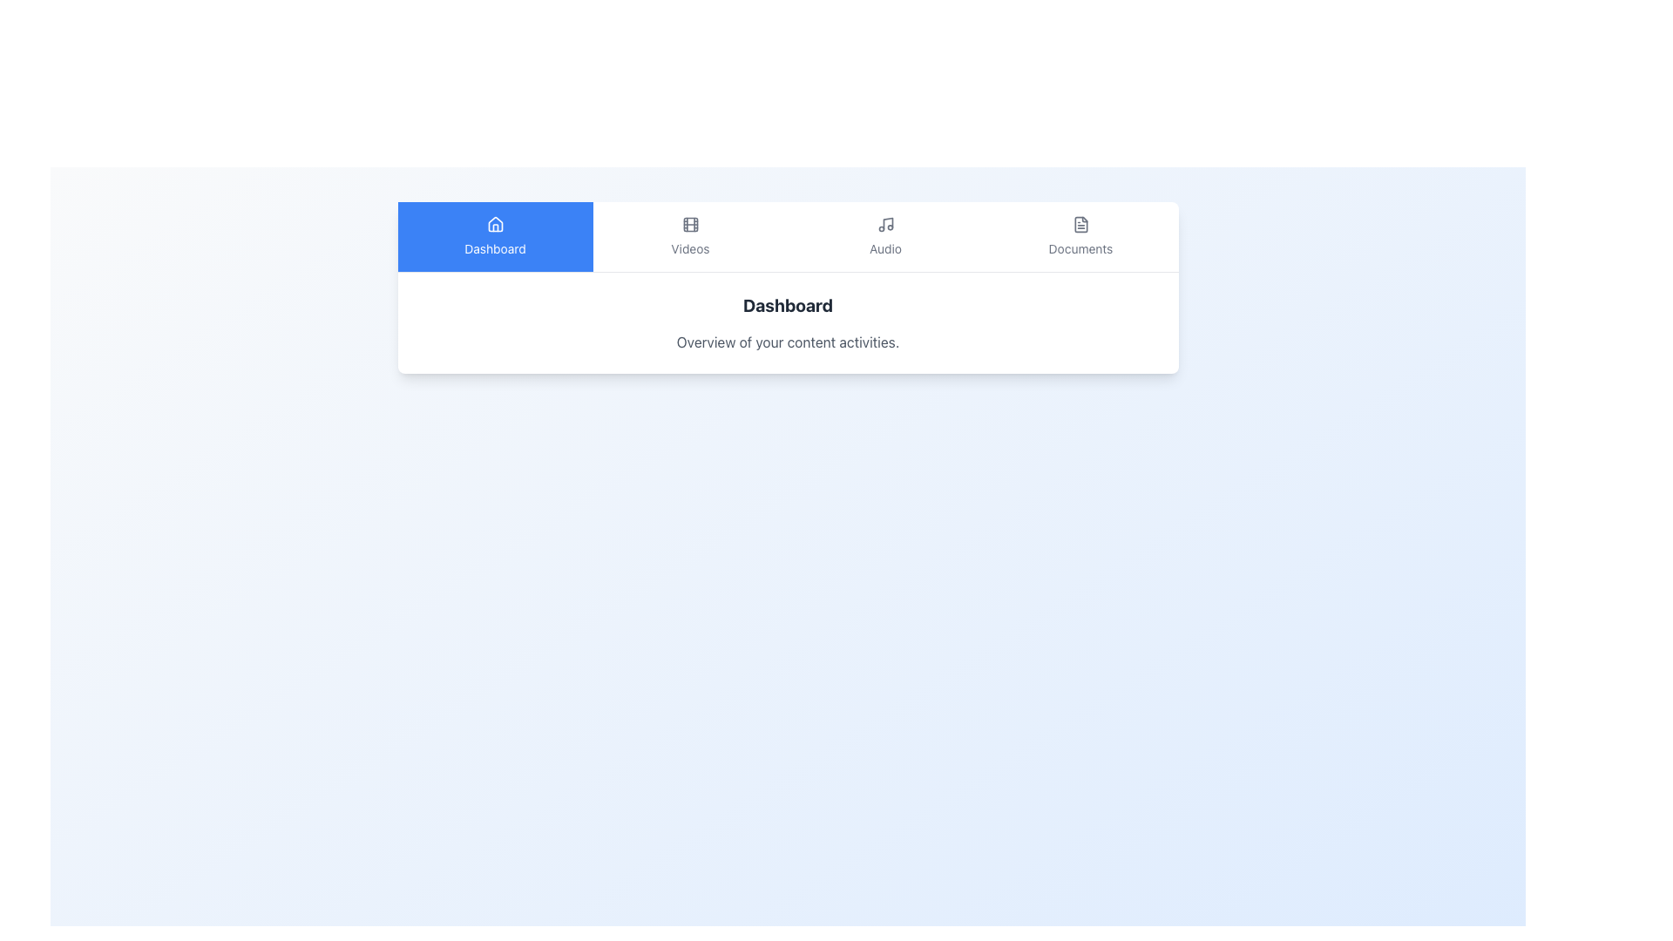  What do you see at coordinates (494, 223) in the screenshot?
I see `the house roof outline icon component within the Dashboard navigation interface` at bounding box center [494, 223].